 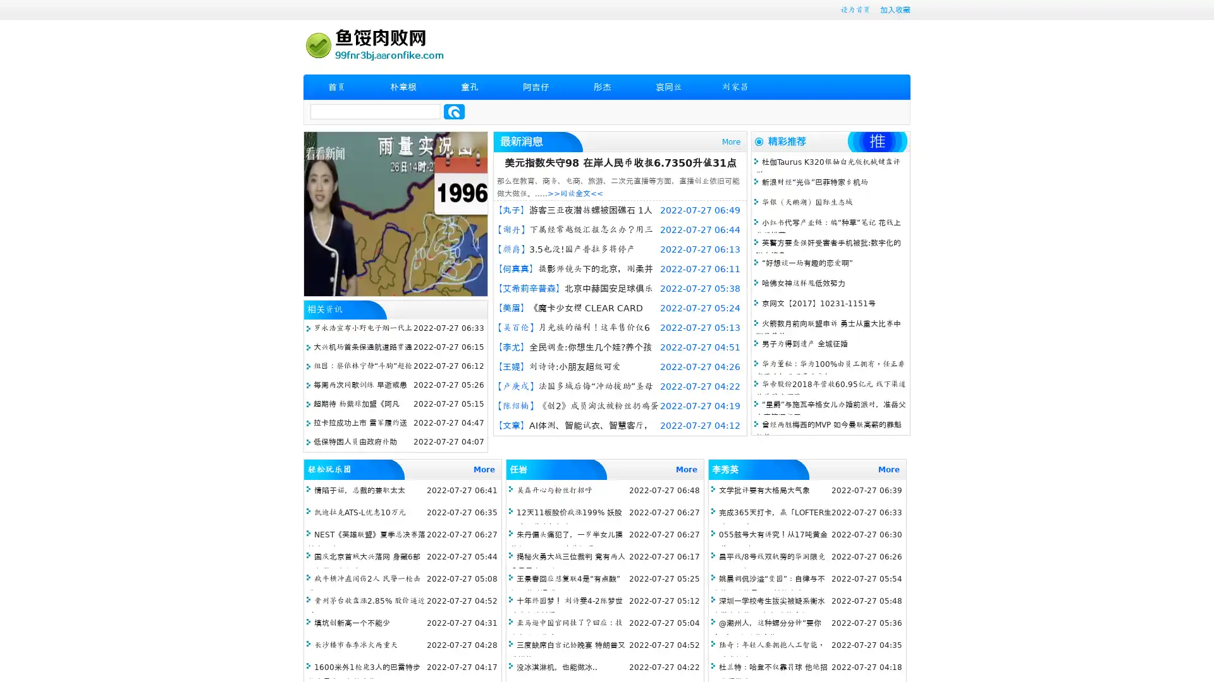 I want to click on Search, so click(x=454, y=111).